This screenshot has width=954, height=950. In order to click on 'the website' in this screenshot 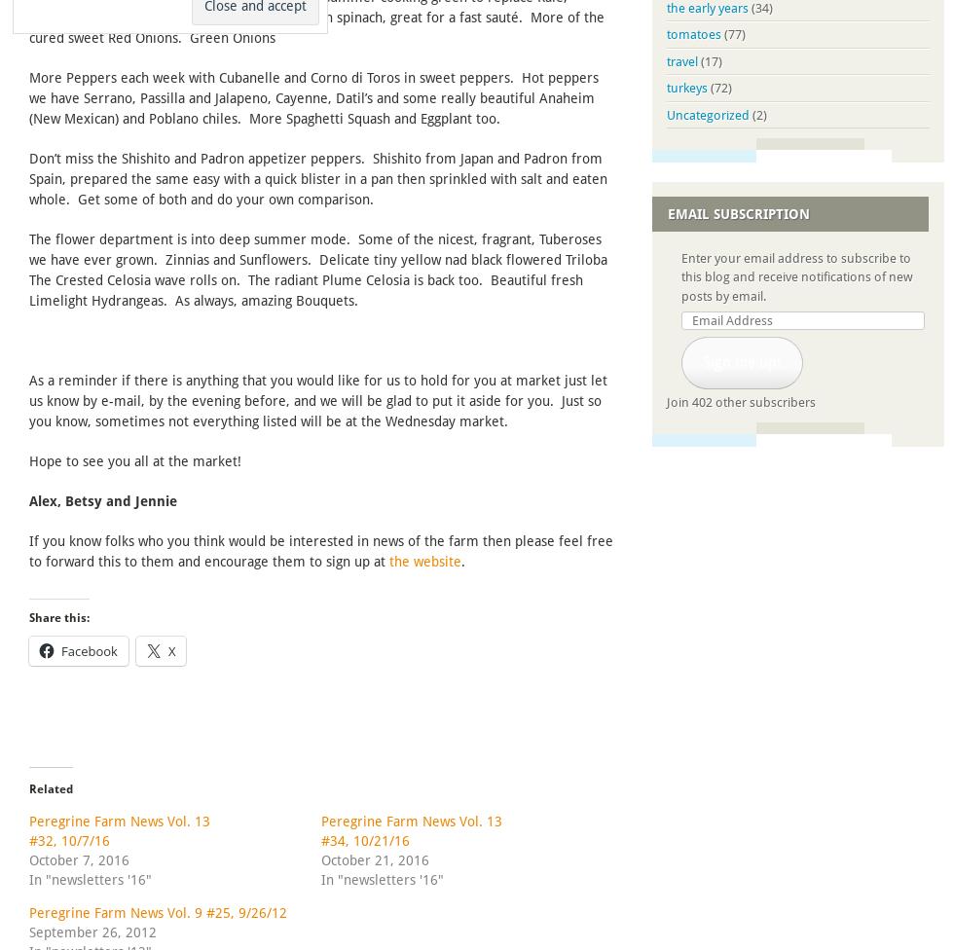, I will do `click(424, 561)`.